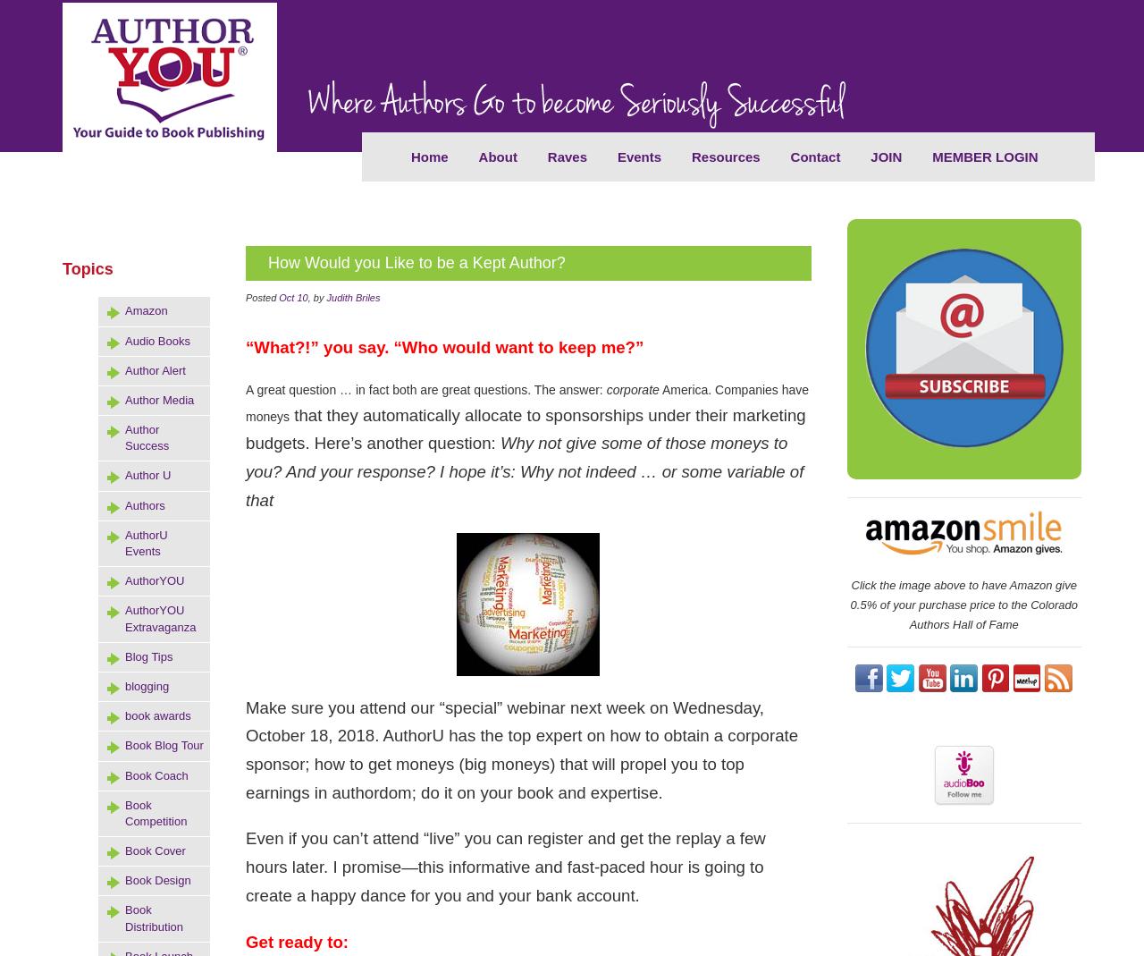 This screenshot has width=1144, height=956. What do you see at coordinates (146, 310) in the screenshot?
I see `'Amazon'` at bounding box center [146, 310].